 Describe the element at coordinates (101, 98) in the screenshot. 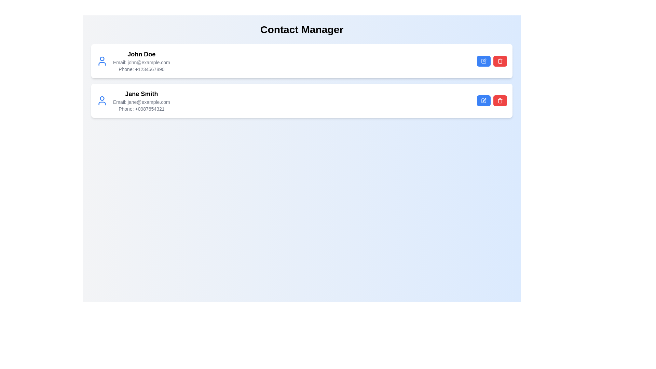

I see `circular head element of the user icon represented in the SVG for 'Jane Smith' using the browser developer tools` at that location.